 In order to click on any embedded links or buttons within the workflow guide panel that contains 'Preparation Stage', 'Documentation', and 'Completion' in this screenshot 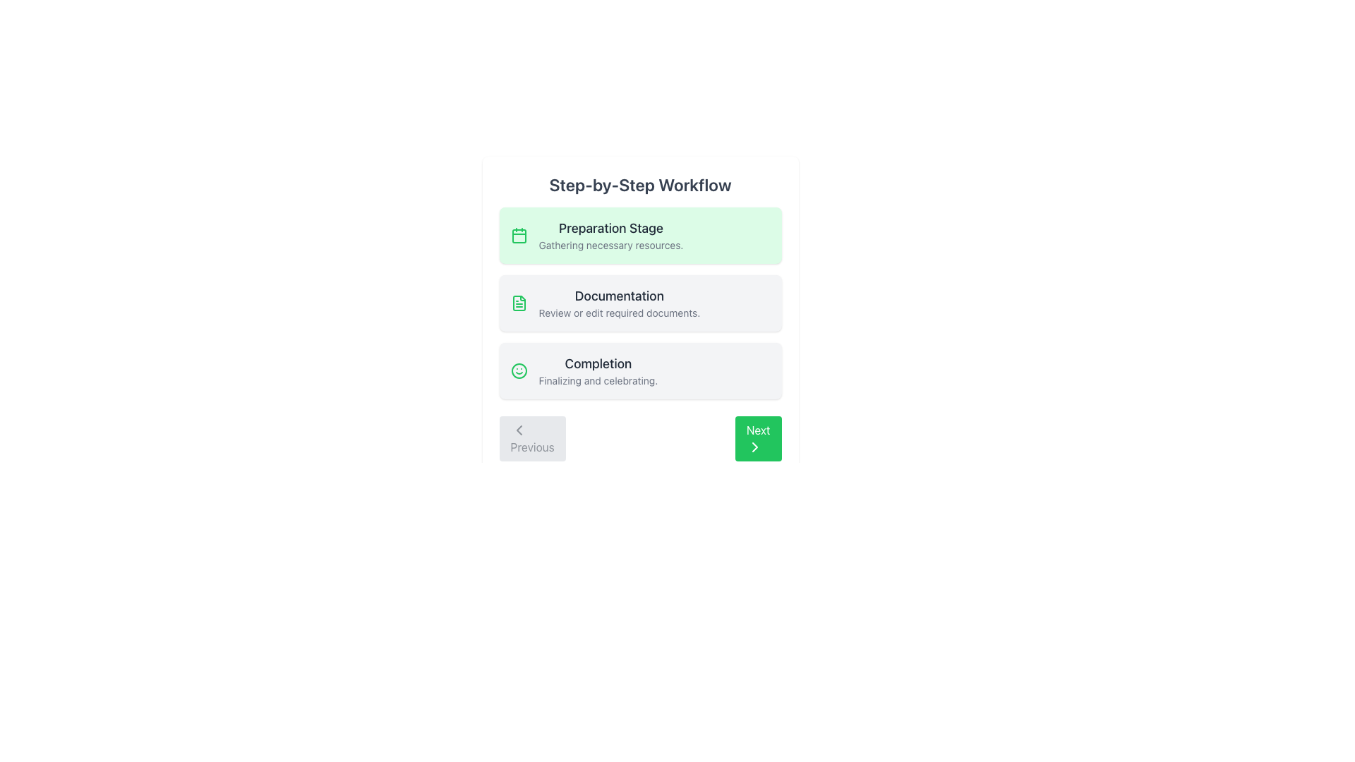, I will do `click(639, 317)`.